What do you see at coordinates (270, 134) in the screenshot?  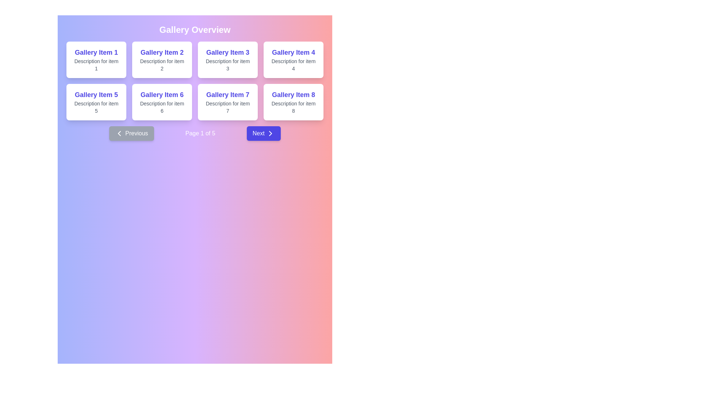 I see `the right arrow icon within the 'Next' button` at bounding box center [270, 134].